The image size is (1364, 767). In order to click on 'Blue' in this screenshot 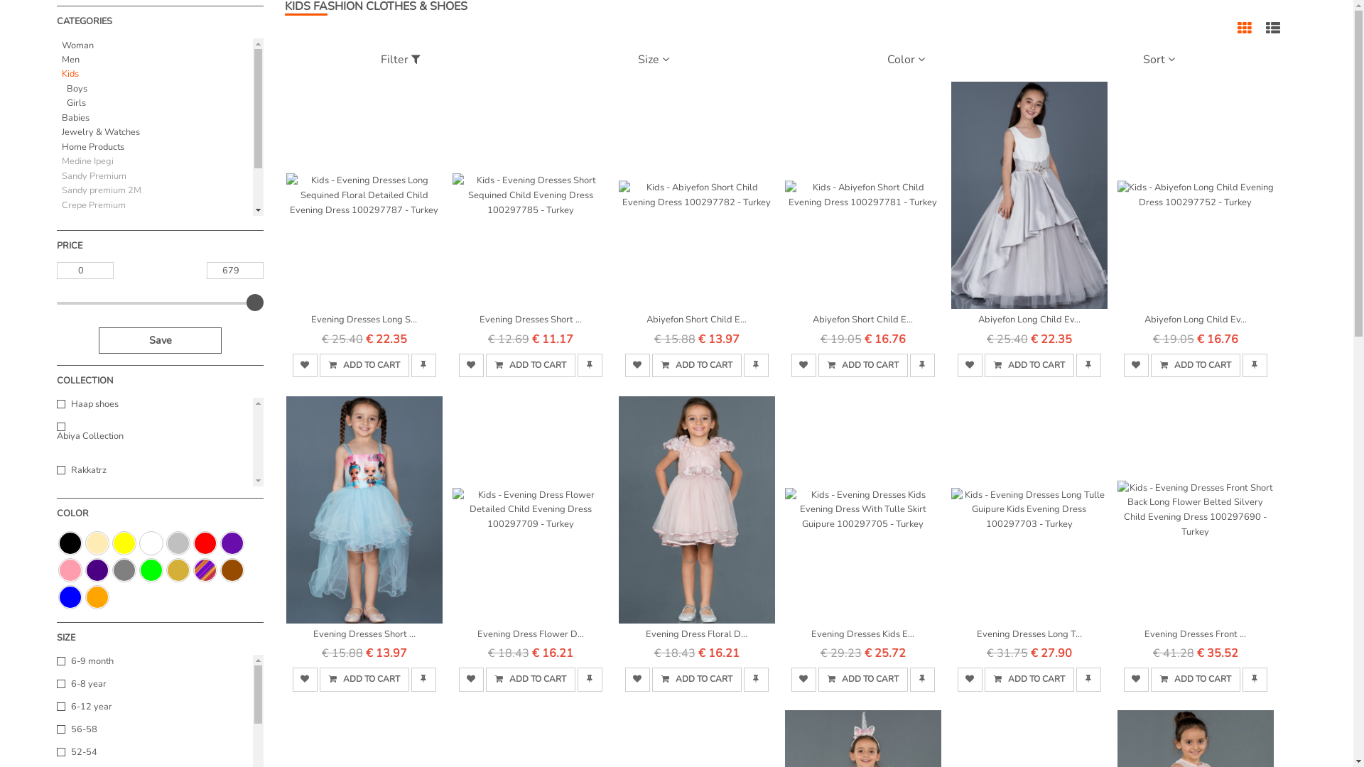, I will do `click(70, 597)`.